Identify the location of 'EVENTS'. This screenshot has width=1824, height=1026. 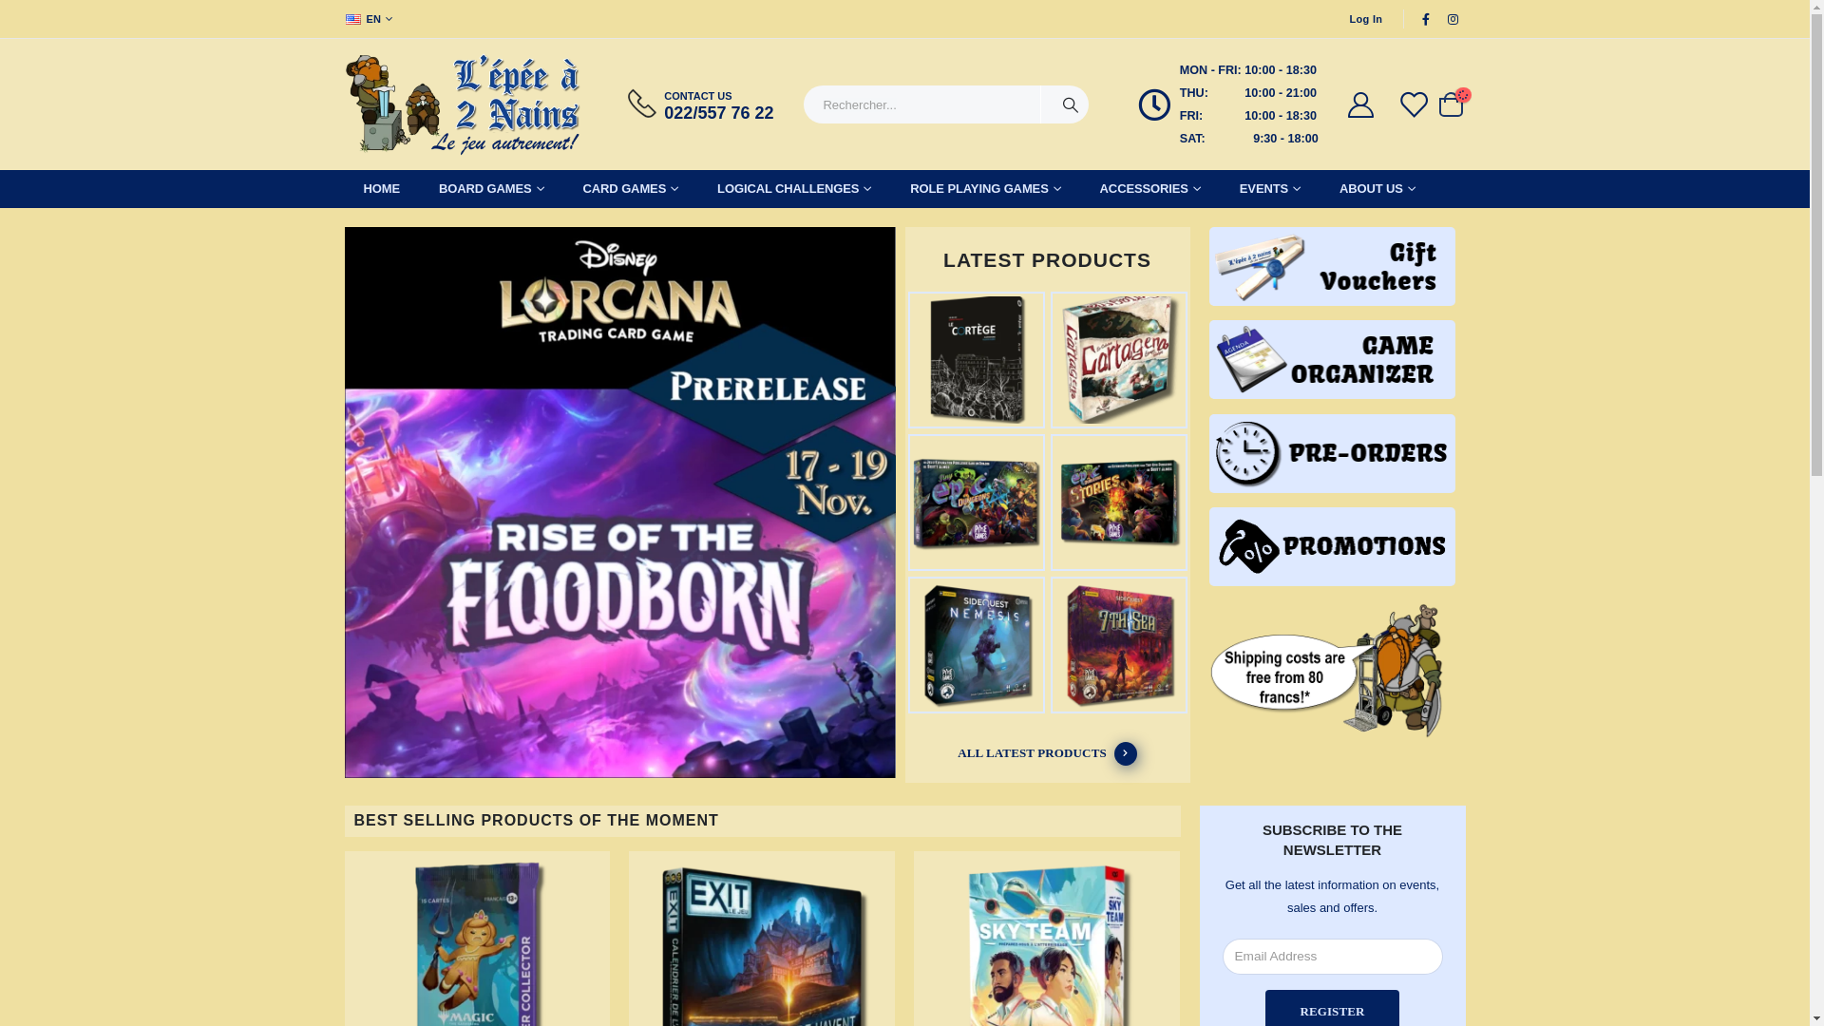
(1270, 189).